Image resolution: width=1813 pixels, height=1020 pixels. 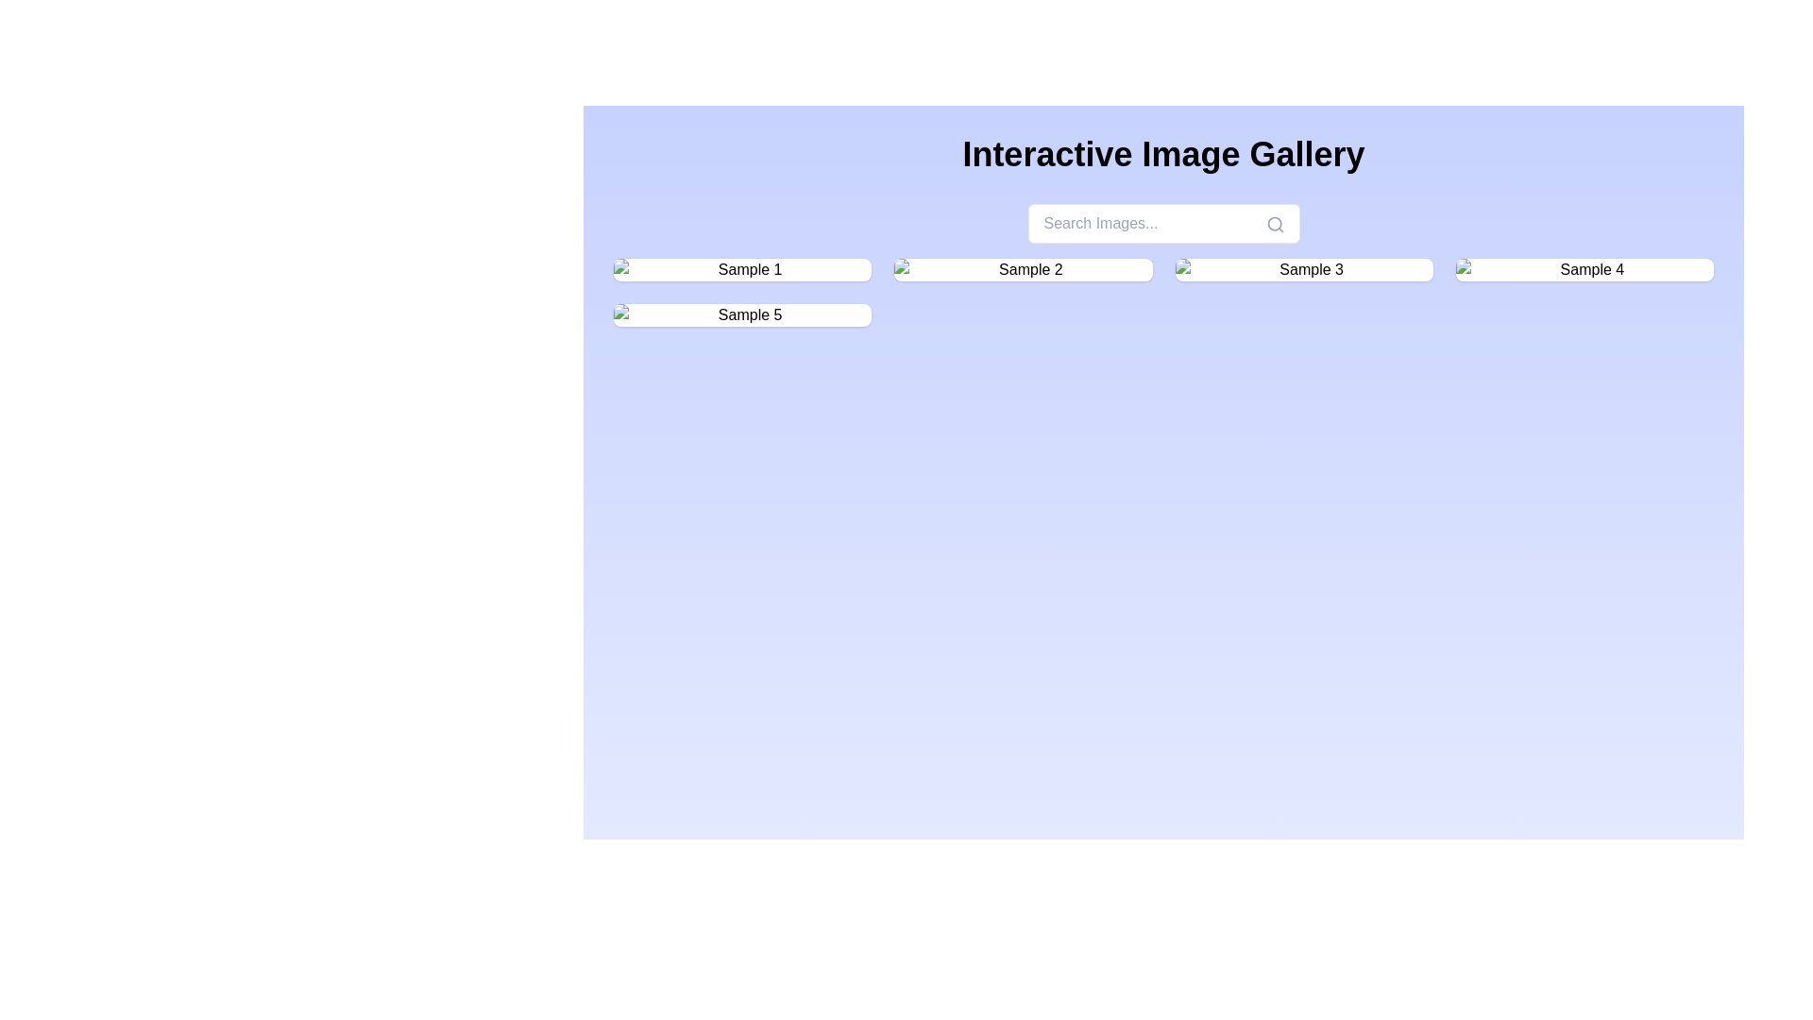 What do you see at coordinates (1275, 224) in the screenshot?
I see `the magnifying glass icon button located at the far right of the 'Search Images...' input field` at bounding box center [1275, 224].